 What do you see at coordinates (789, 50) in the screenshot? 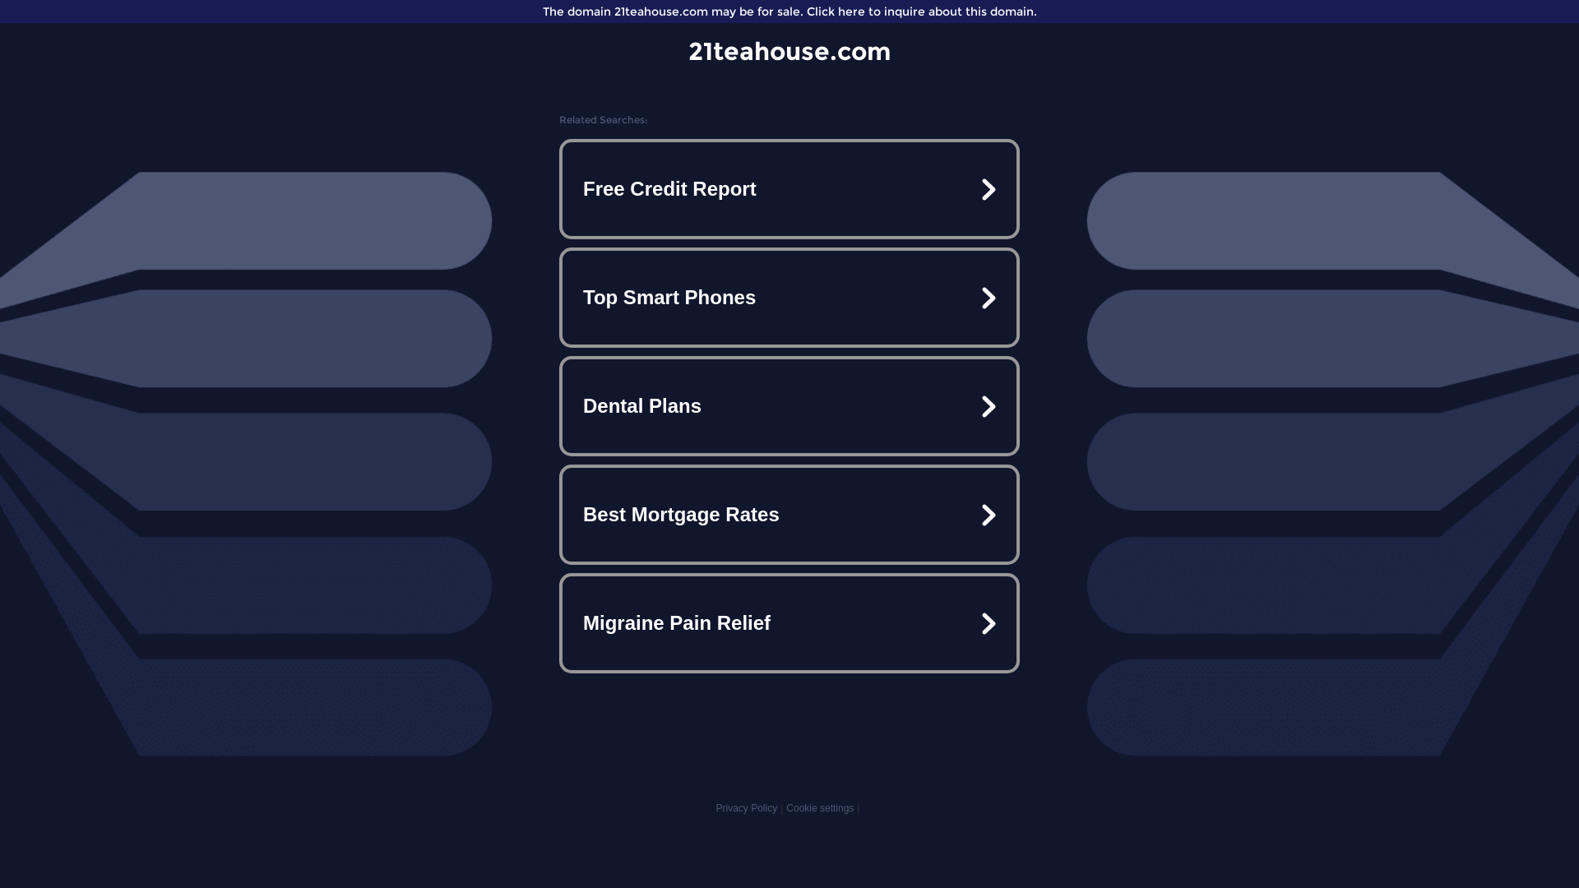
I see `'21teahouse.com'` at bounding box center [789, 50].